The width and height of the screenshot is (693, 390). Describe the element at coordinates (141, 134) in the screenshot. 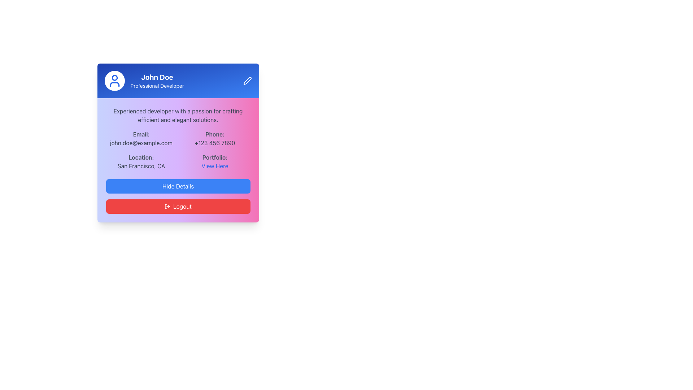

I see `the 'Email:' text label located in the card section above the email address 'john.doe@example.com' associated with 'John Doe'` at that location.